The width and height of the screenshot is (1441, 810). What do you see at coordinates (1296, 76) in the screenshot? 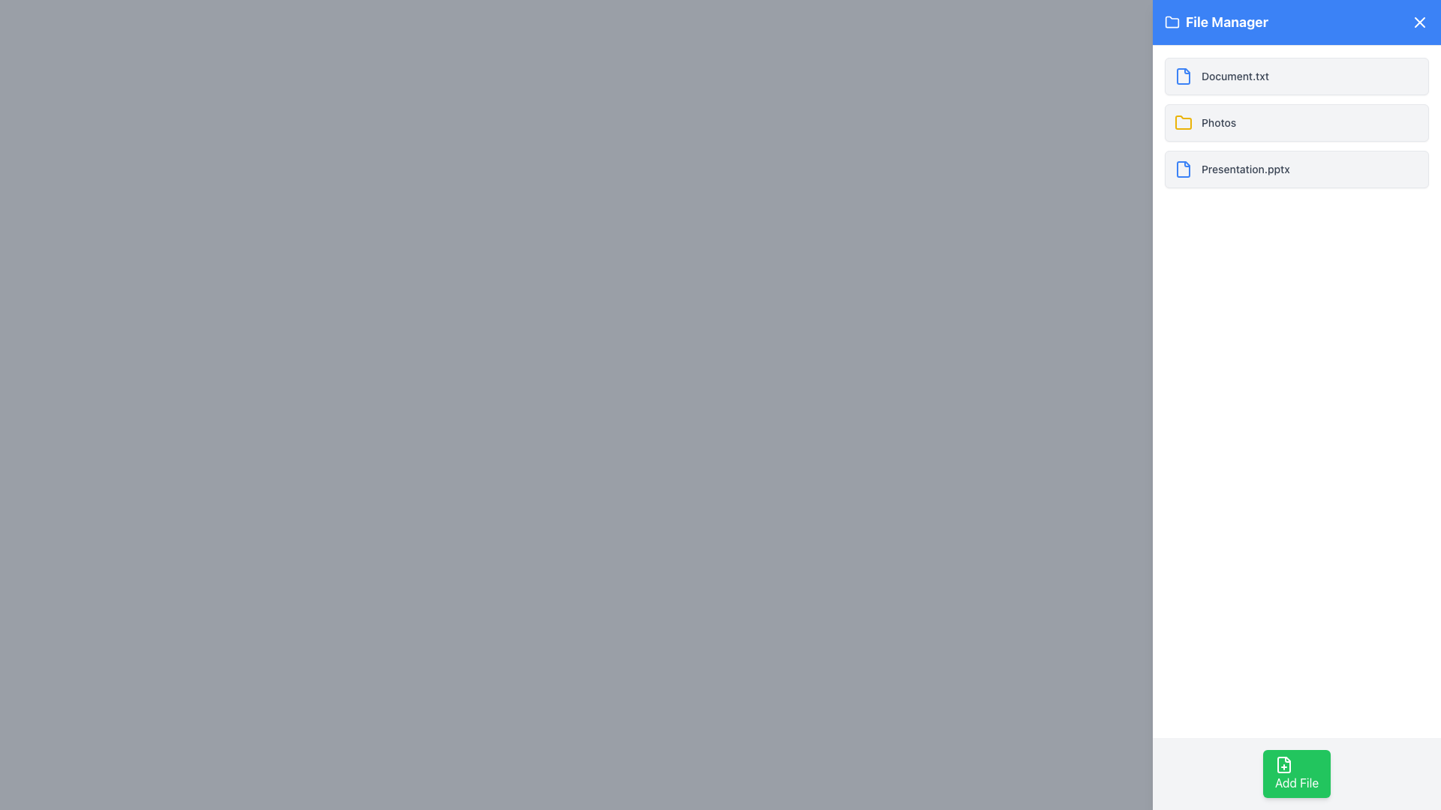
I see `the first file item named 'Document.txt'` at bounding box center [1296, 76].